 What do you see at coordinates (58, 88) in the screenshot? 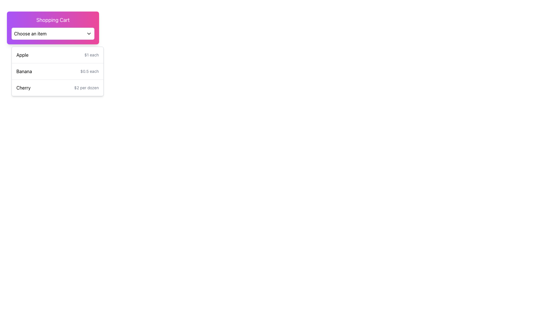
I see `the third item in the shopping list, which displays an item name and its price, located below 'Apple' and 'Banana'` at bounding box center [58, 88].